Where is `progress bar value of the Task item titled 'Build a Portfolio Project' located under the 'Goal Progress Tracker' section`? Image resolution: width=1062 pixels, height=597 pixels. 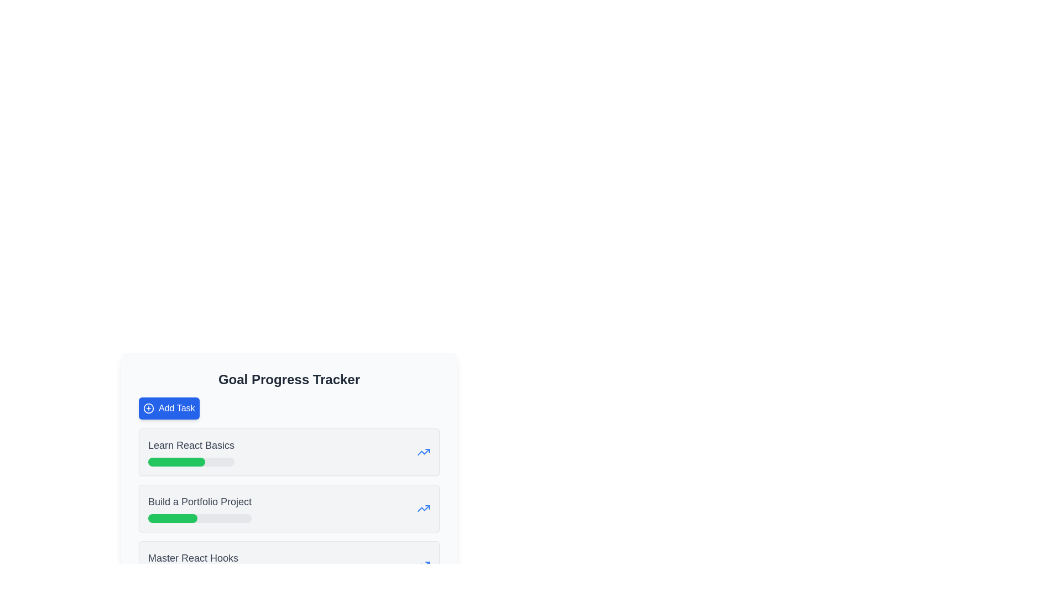
progress bar value of the Task item titled 'Build a Portfolio Project' located under the 'Goal Progress Tracker' section is located at coordinates (200, 509).